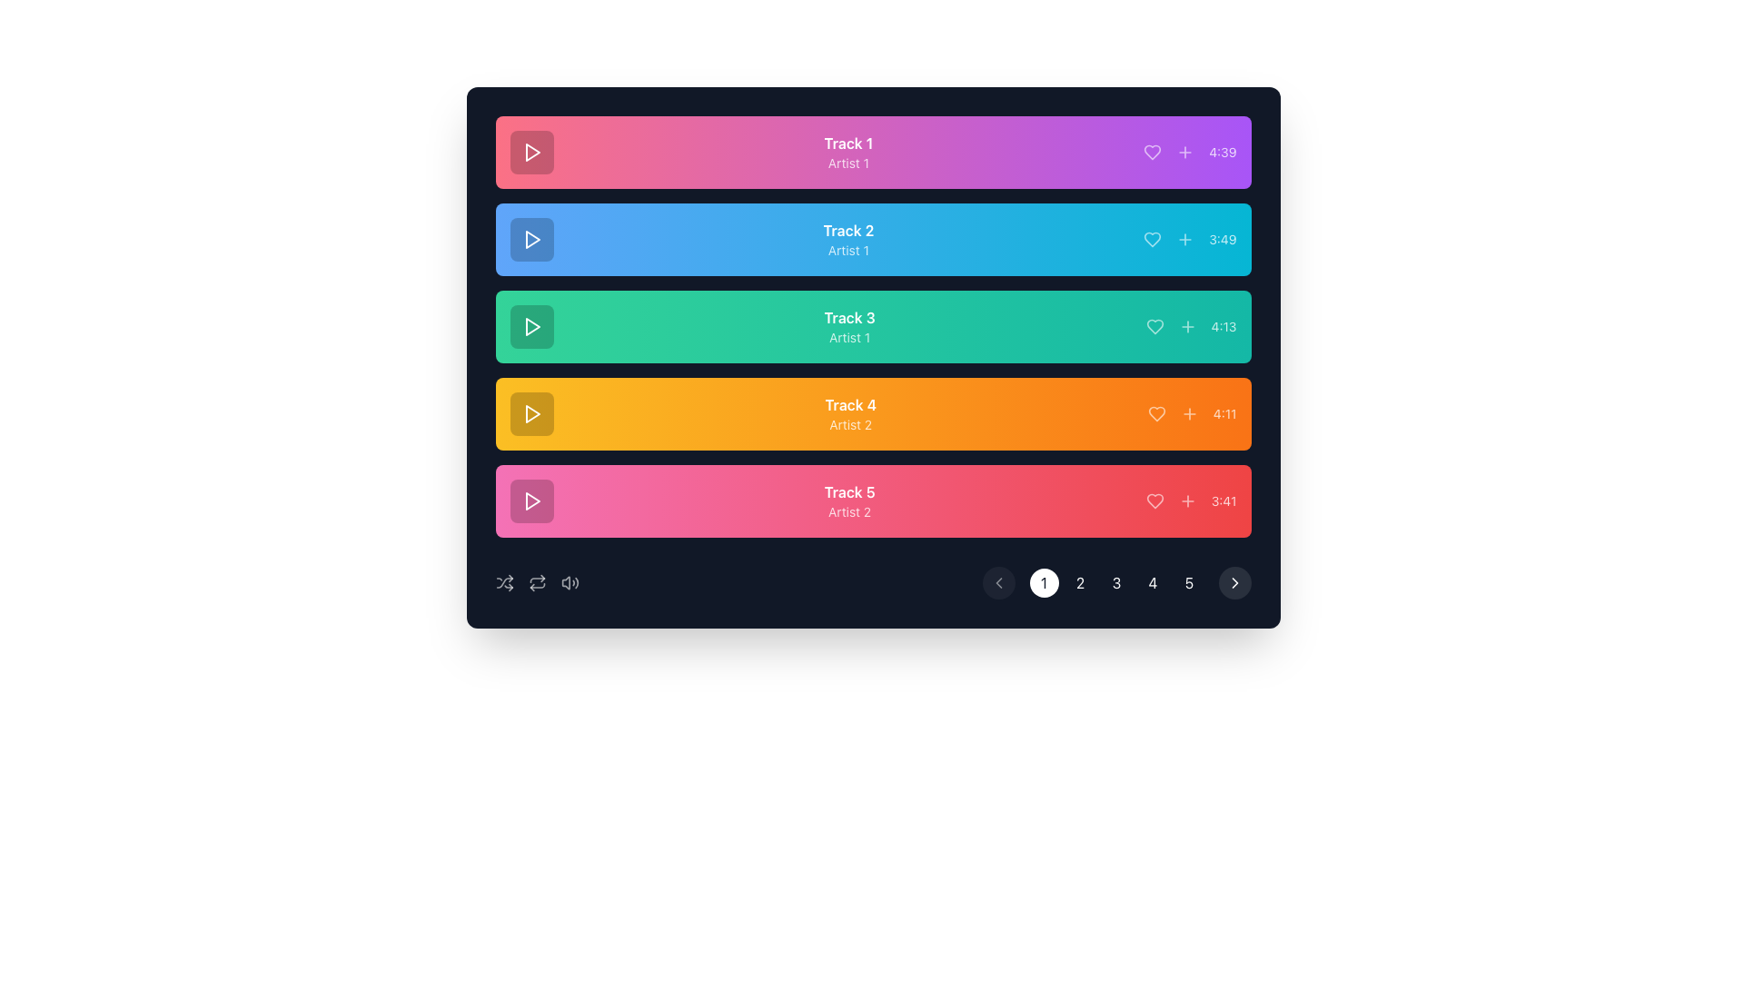 Image resolution: width=1744 pixels, height=981 pixels. What do you see at coordinates (848, 500) in the screenshot?
I see `displayed information from the Text display block showing 'Track 5' and 'Artist 2', which is the fifth item in the vertical list of tracks` at bounding box center [848, 500].